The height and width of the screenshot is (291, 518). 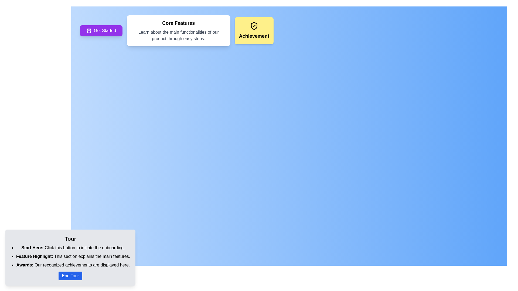 What do you see at coordinates (25, 265) in the screenshot?
I see `text label 'Awards:' which introduces the description of recognized achievements, located in the lower-left footer section of the UI` at bounding box center [25, 265].